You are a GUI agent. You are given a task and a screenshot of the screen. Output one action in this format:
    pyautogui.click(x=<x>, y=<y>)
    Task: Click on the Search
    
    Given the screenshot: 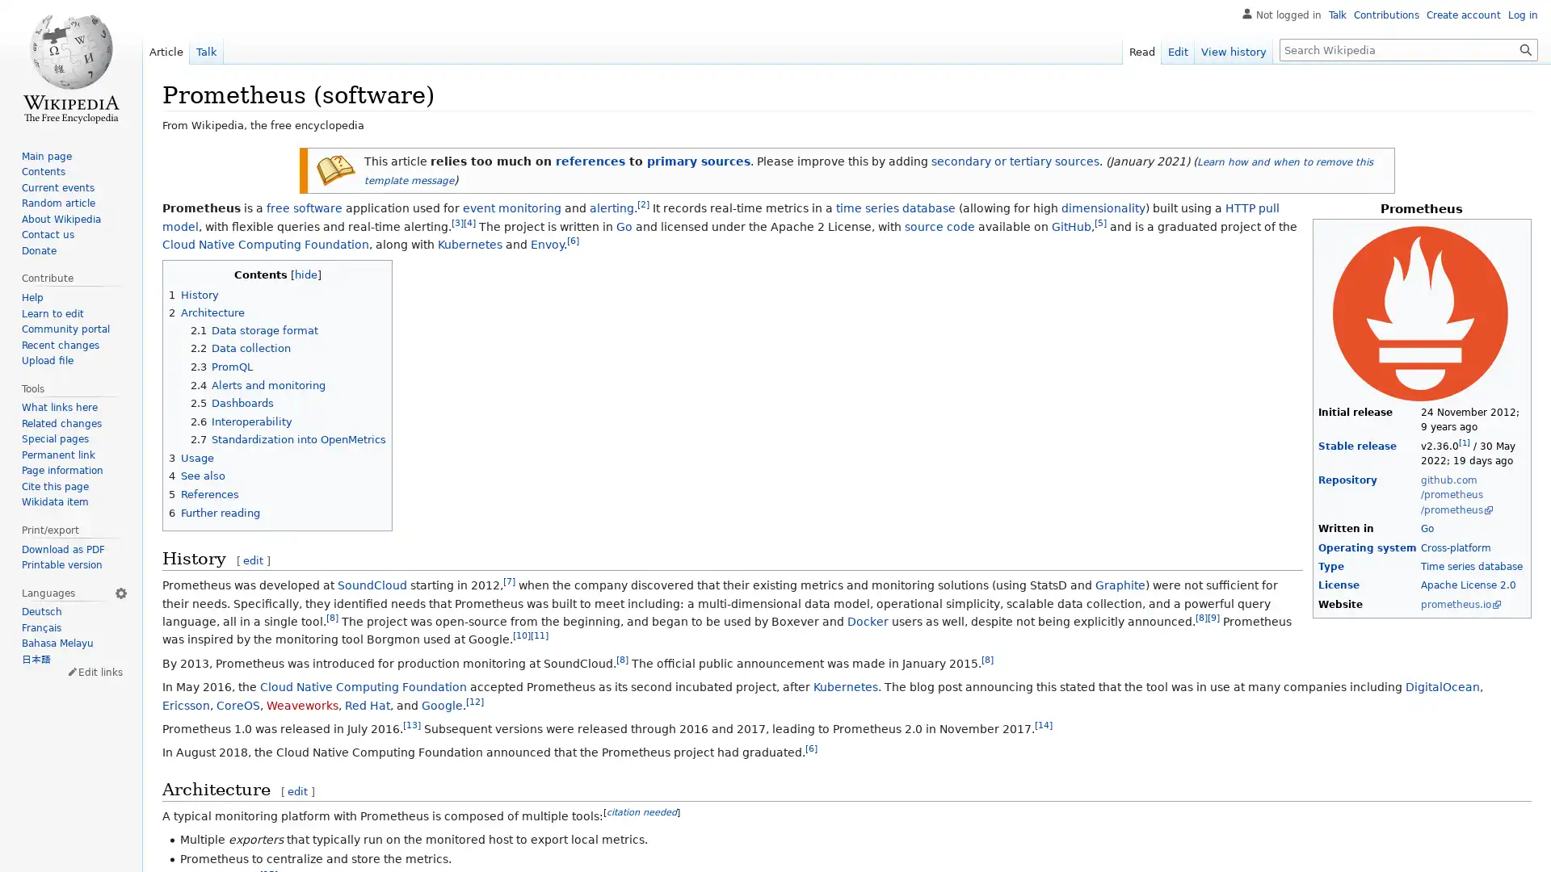 What is the action you would take?
    pyautogui.click(x=1525, y=48)
    